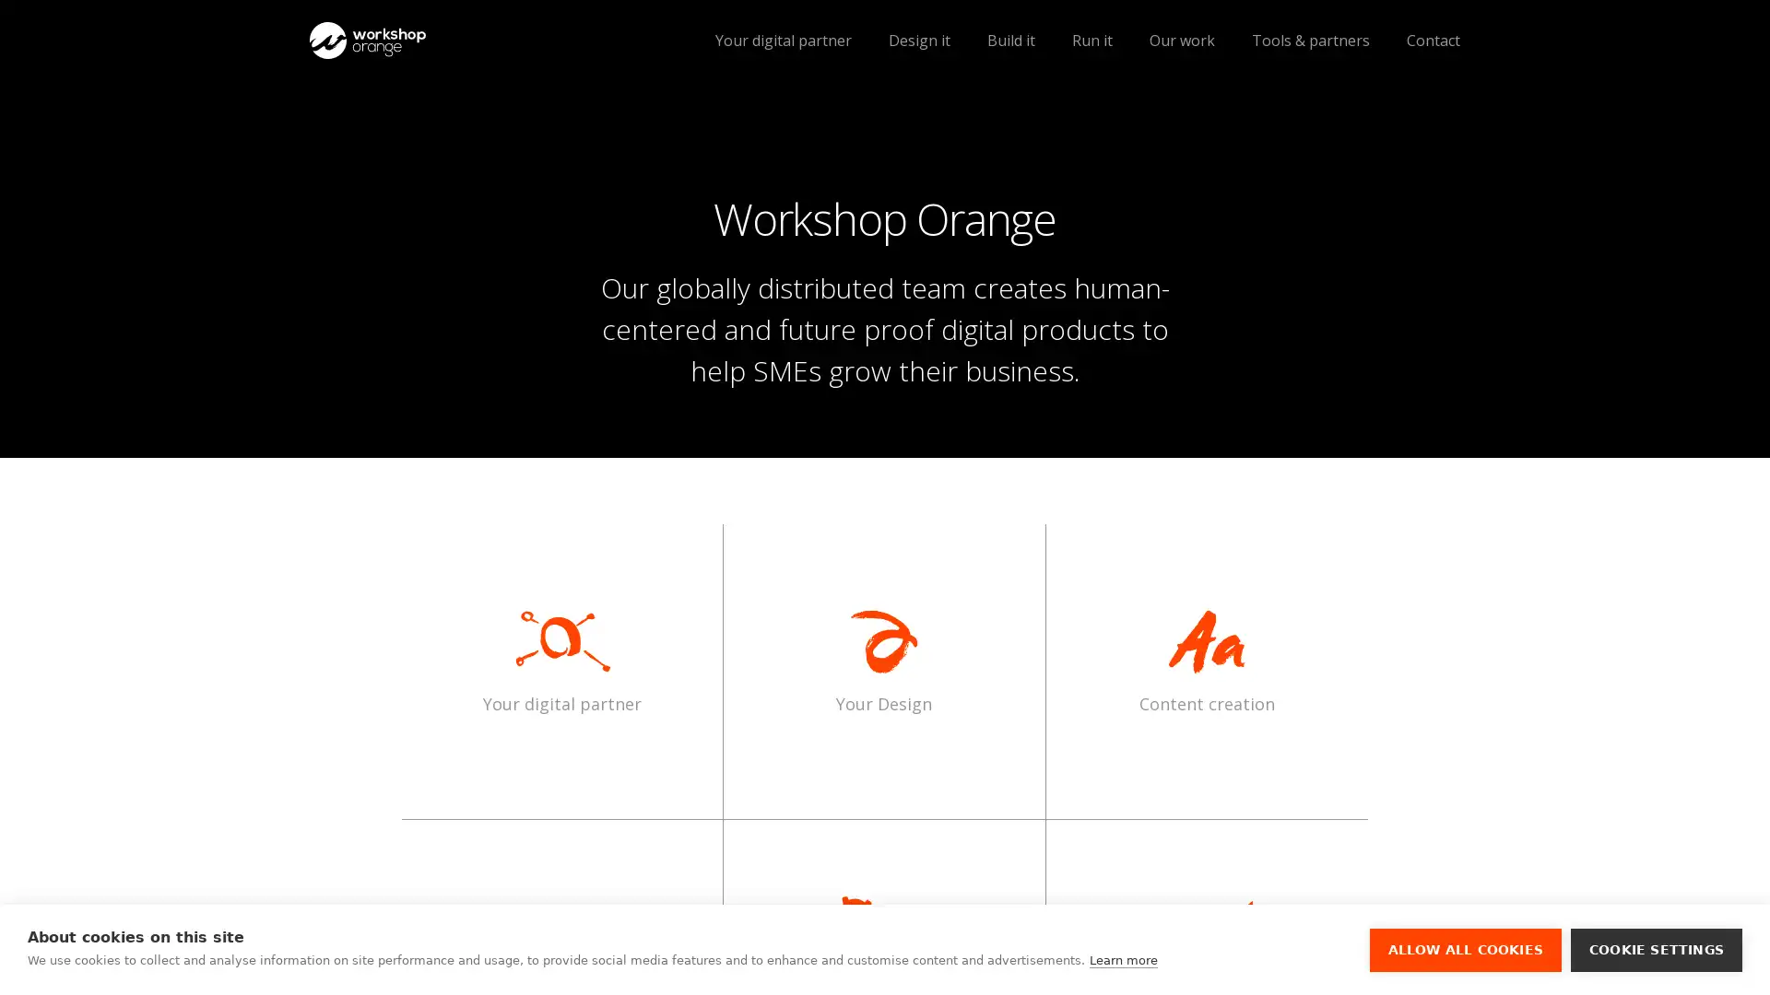 The width and height of the screenshot is (1770, 995). I want to click on Hosting & infrastructure, so click(454, 120).